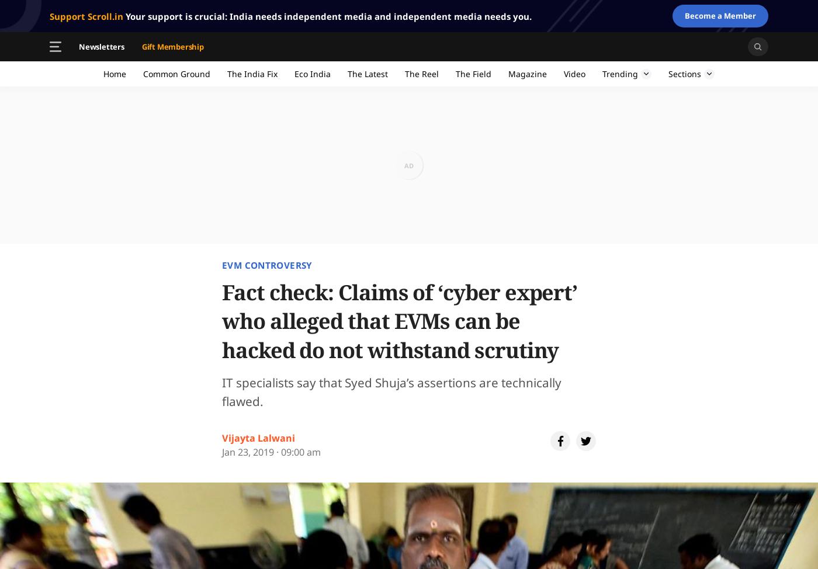 Image resolution: width=818 pixels, height=569 pixels. Describe the element at coordinates (172, 46) in the screenshot. I see `'Gift Membership'` at that location.